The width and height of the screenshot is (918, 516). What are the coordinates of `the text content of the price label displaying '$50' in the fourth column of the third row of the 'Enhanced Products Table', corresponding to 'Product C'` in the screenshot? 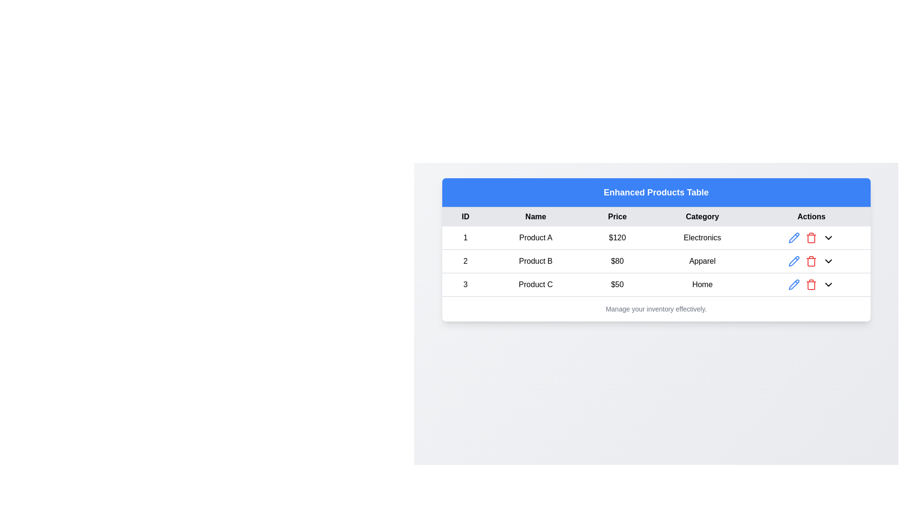 It's located at (617, 284).